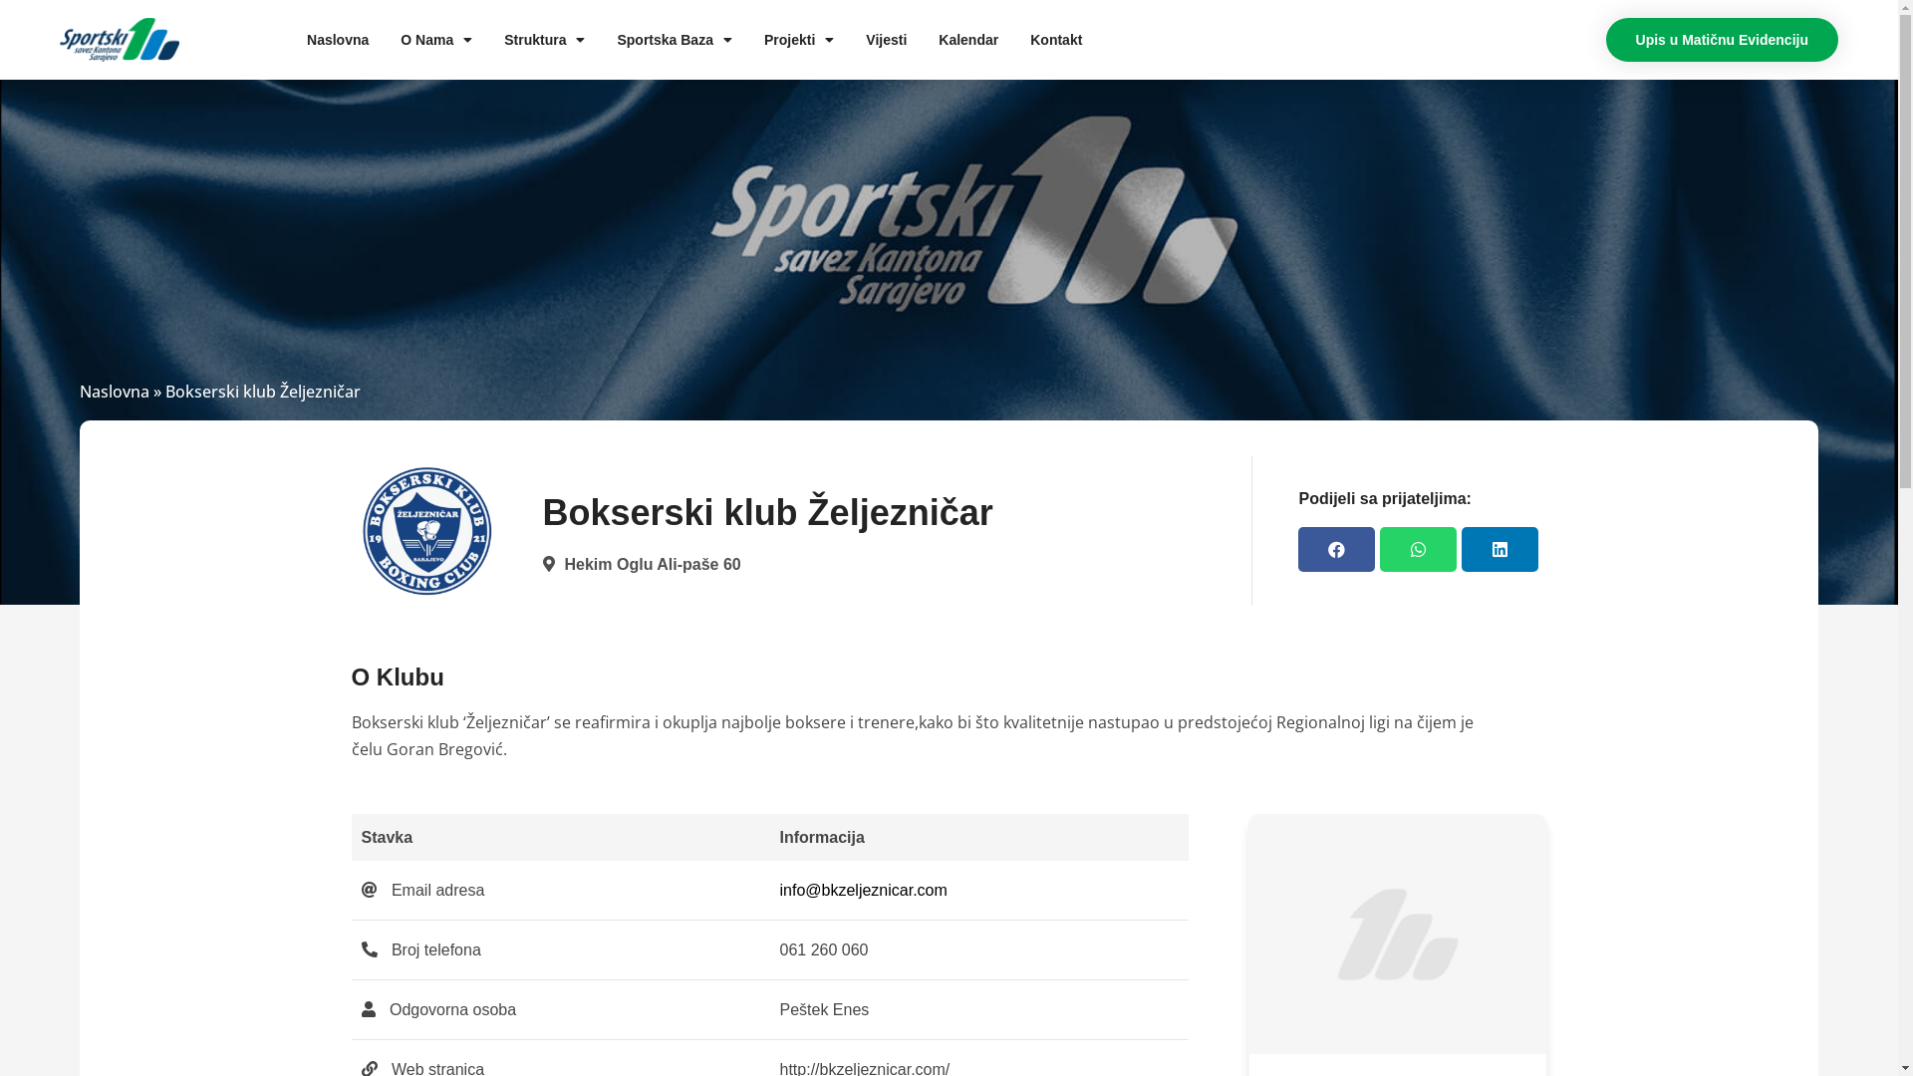 Image resolution: width=1913 pixels, height=1076 pixels. What do you see at coordinates (487, 39) in the screenshot?
I see `'Struktura'` at bounding box center [487, 39].